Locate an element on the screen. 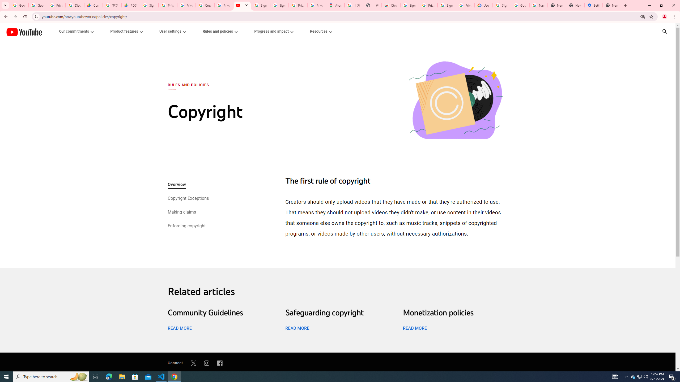  'Google Workspace Admin Community' is located at coordinates (19, 5).